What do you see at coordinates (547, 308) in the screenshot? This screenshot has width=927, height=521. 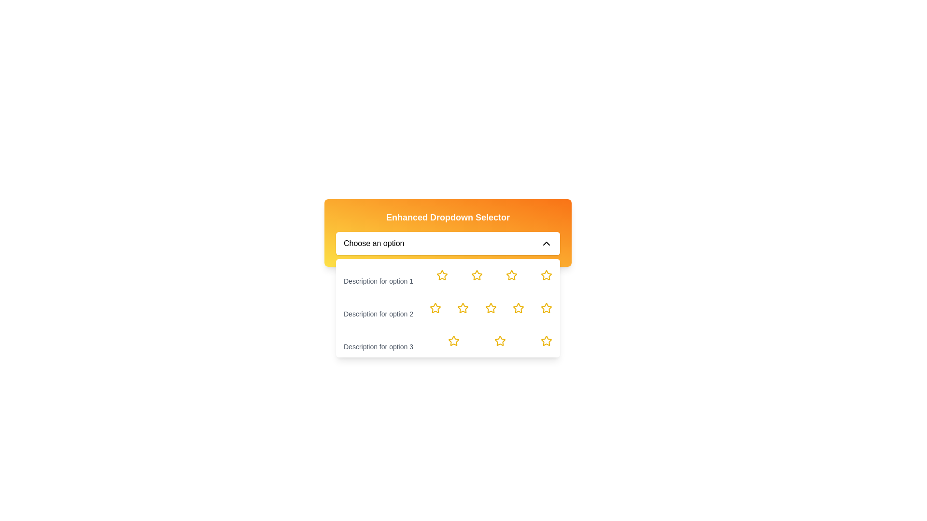 I see `the star icon that is the sixth in the row associated with 'Option 2'` at bounding box center [547, 308].